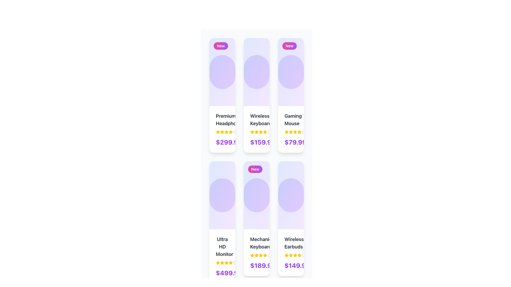 The image size is (511, 287). What do you see at coordinates (222, 262) in the screenshot?
I see `the third star-shaped icon with a yellow fill and border, which serves as a visual indicator for rating, located below the text 'Ultra HD Monitor'` at bounding box center [222, 262].